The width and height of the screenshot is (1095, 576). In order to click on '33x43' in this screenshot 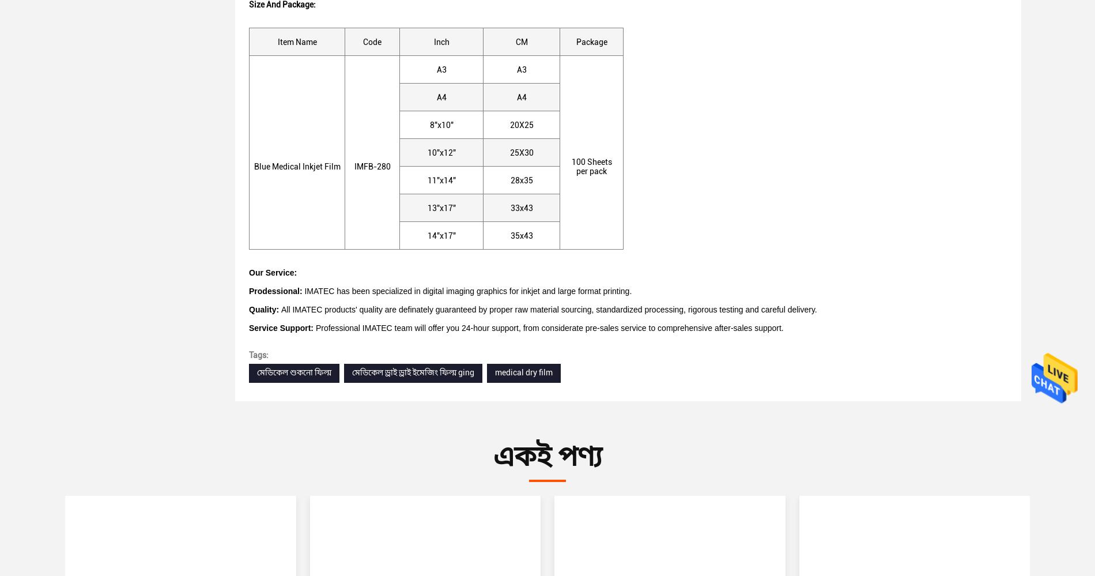, I will do `click(520, 208)`.